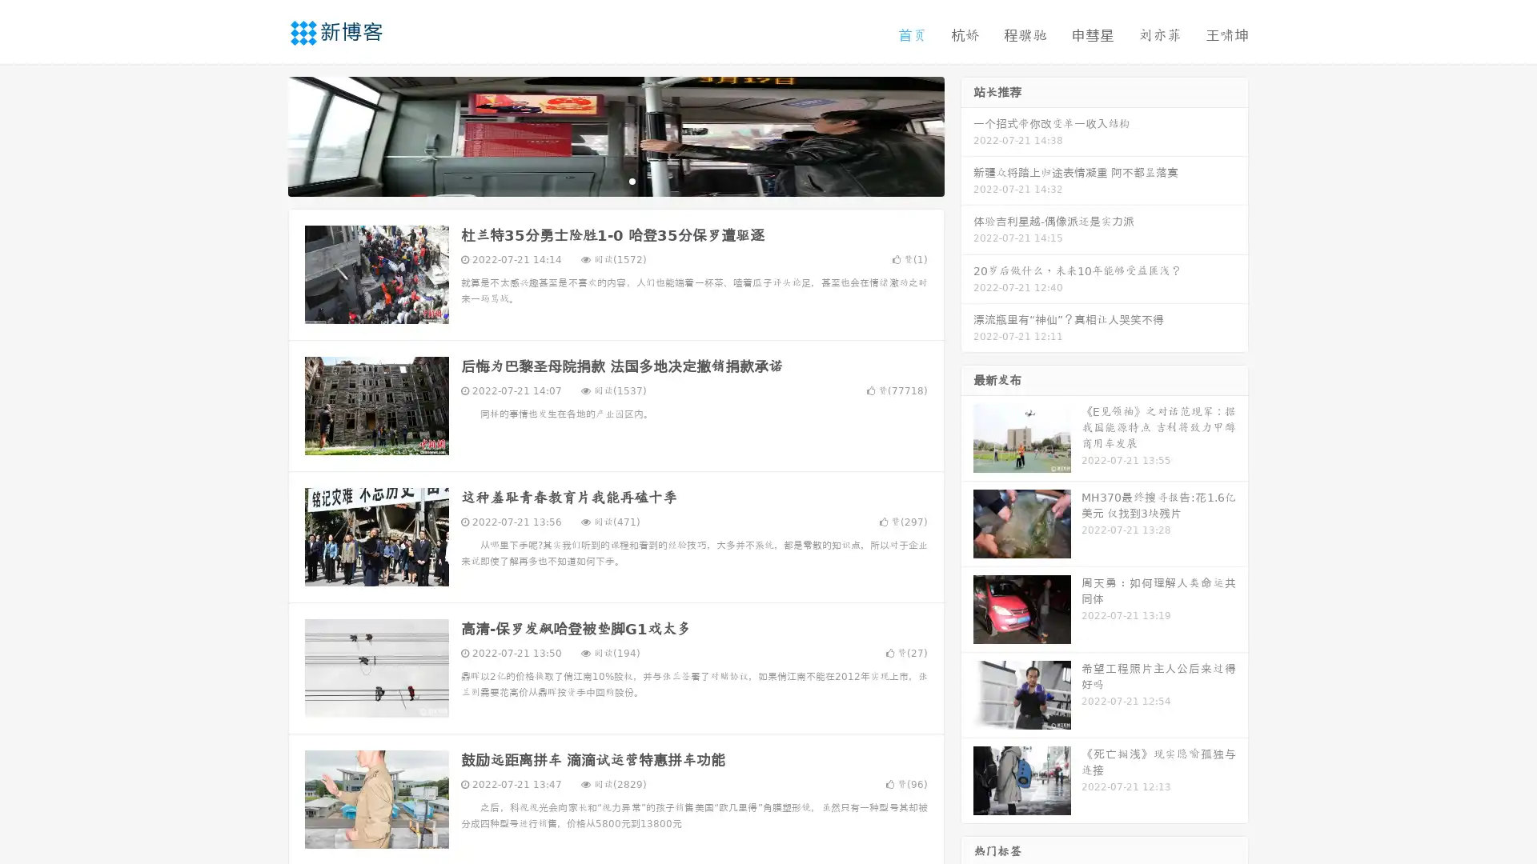 The width and height of the screenshot is (1537, 864). What do you see at coordinates (615, 180) in the screenshot?
I see `Go to slide 2` at bounding box center [615, 180].